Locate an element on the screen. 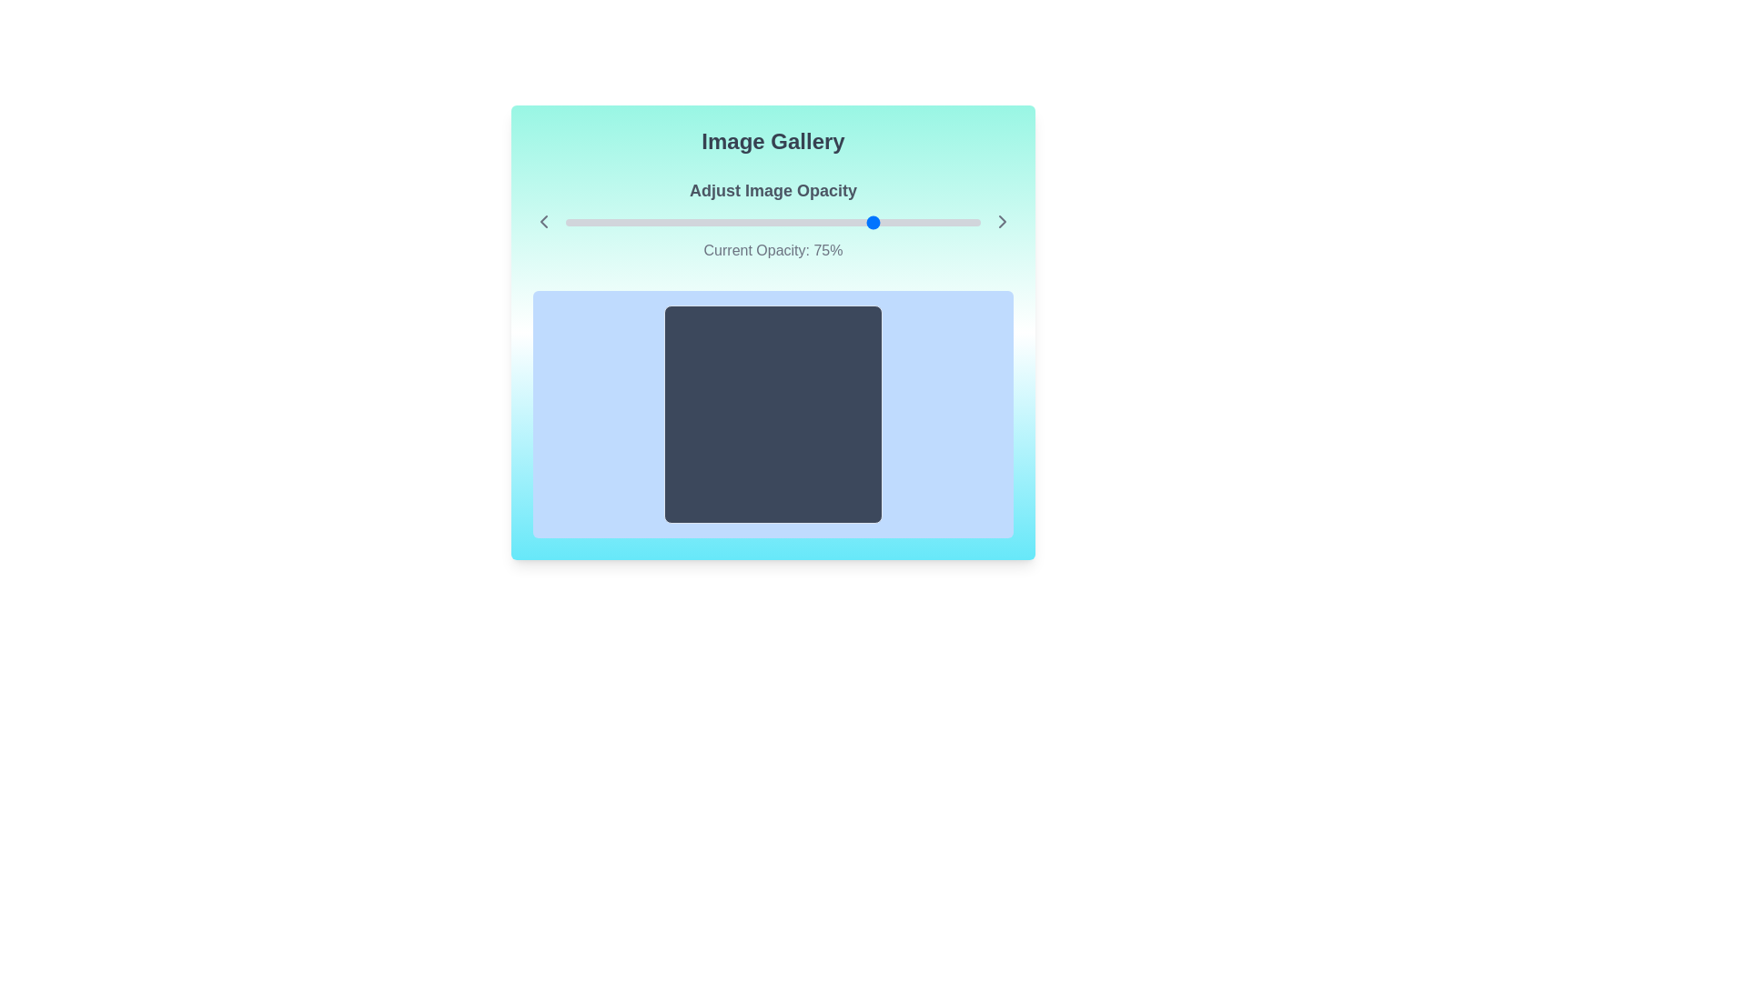 This screenshot has width=1747, height=982. the image opacity slider to 81% is located at coordinates (902, 222).